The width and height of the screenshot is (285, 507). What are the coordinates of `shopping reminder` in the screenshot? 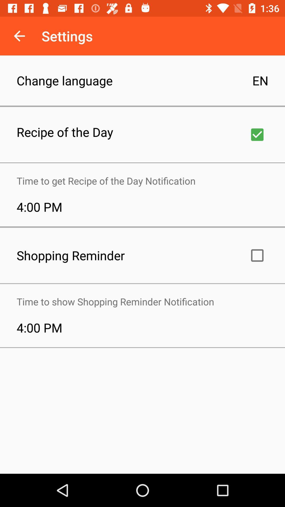 It's located at (257, 255).